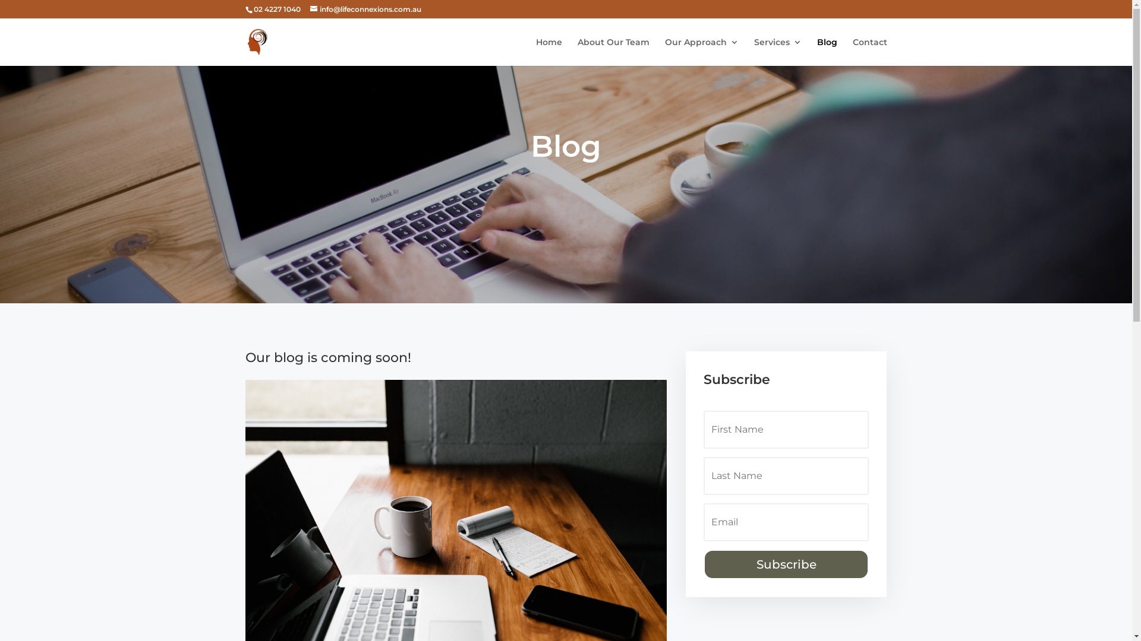 Image resolution: width=1141 pixels, height=641 pixels. Describe the element at coordinates (365, 9) in the screenshot. I see `'info@lifeconnexions.com.au'` at that location.